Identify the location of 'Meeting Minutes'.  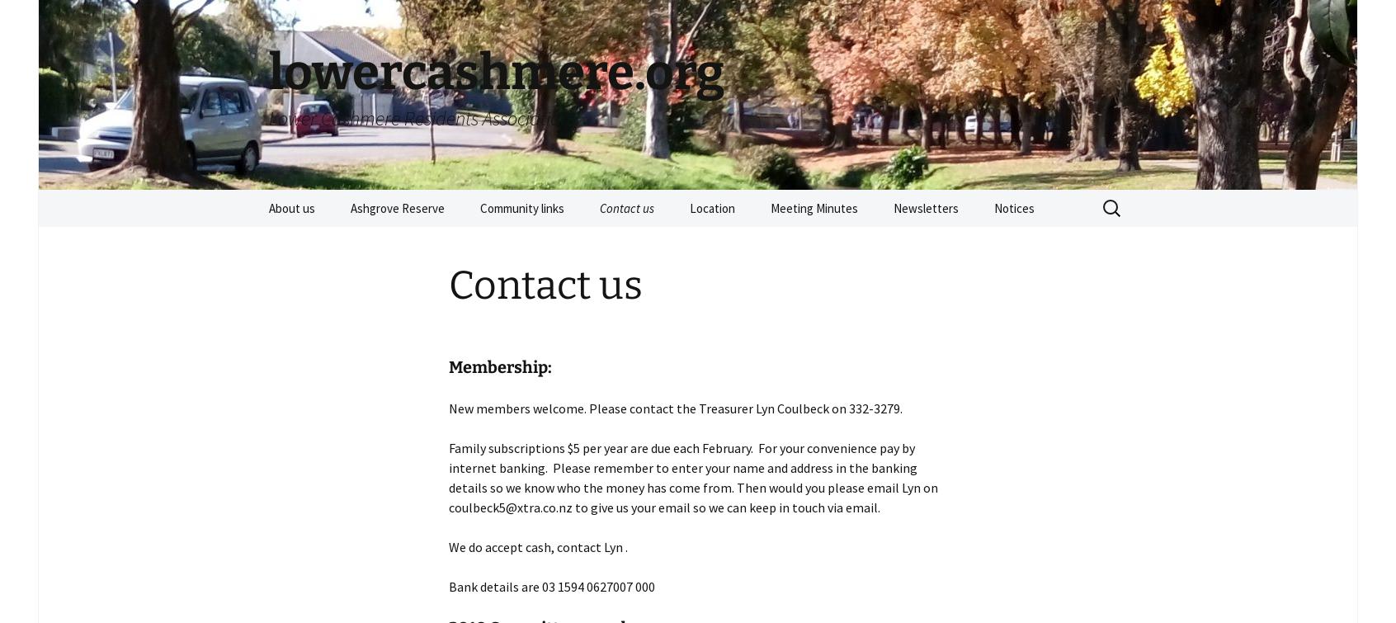
(814, 208).